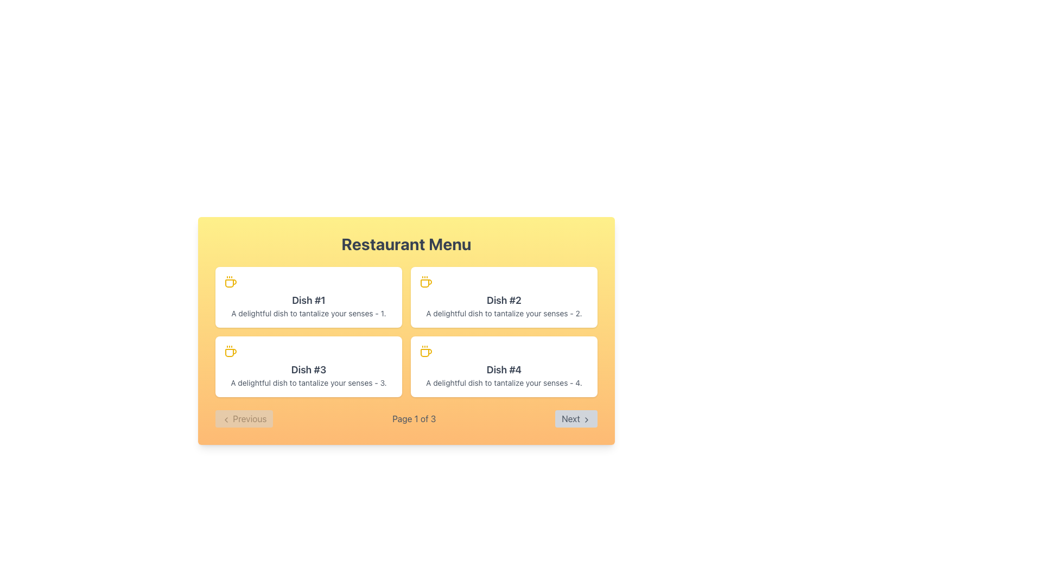  What do you see at coordinates (504, 314) in the screenshot?
I see `descriptive text for 'Dish #2' located in the top-right card of the restaurant menu` at bounding box center [504, 314].